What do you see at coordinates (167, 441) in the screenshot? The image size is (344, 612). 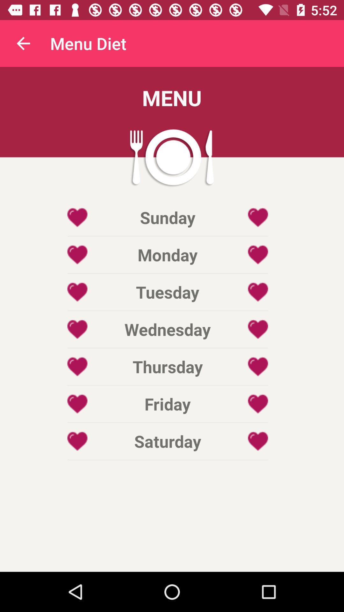 I see `the item below friday item` at bounding box center [167, 441].